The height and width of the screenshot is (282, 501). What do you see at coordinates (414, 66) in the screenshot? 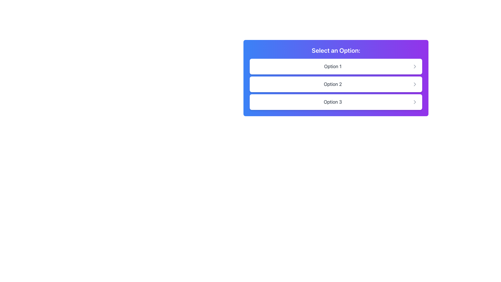
I see `the right-facing chevron arrow icon located at the far right of the 'Option 1' button` at bounding box center [414, 66].